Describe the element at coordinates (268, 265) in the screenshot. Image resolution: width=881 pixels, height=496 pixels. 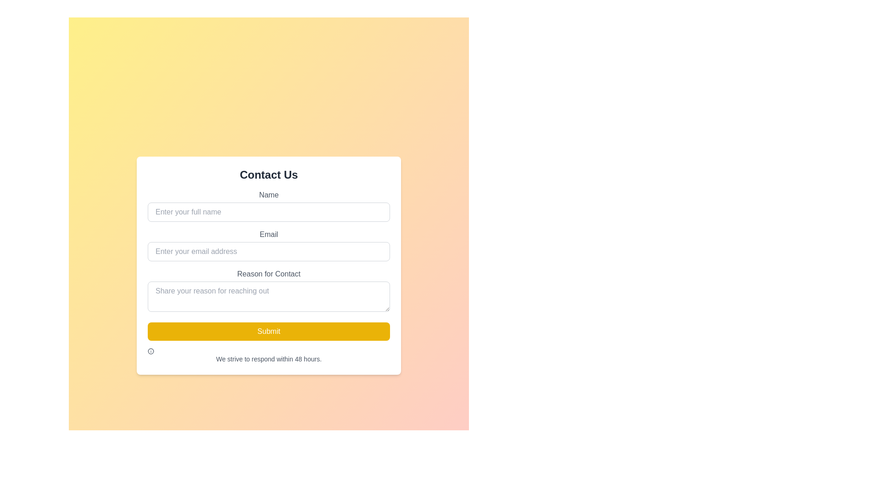
I see `the input fields within the 'Contact Us' form group, which includes sections for 'Name', 'Email', and 'Reason for Contact'` at that location.